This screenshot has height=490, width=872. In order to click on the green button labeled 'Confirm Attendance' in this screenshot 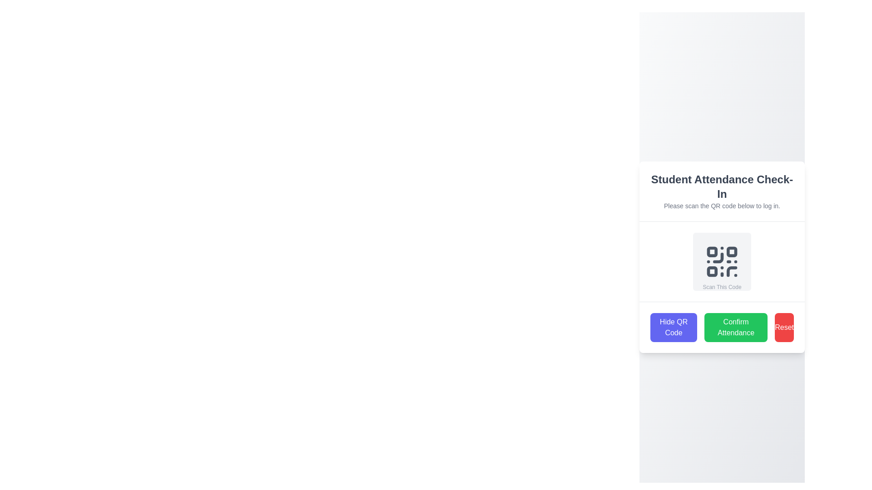, I will do `click(736, 327)`.